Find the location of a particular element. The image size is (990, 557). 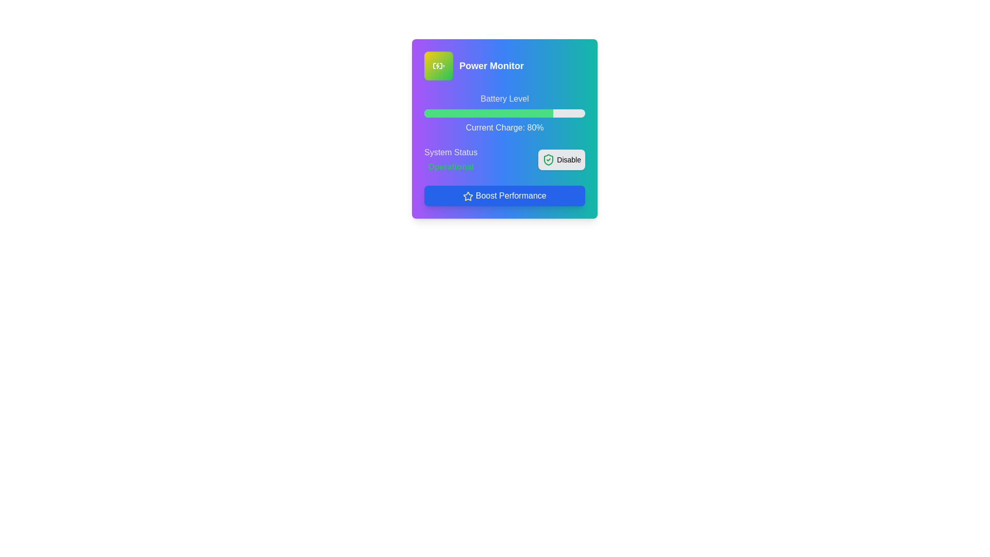

the visual indicator of the progress bar representing the battery level, which shows 'Current Charge: 80%' below it is located at coordinates (505, 113).